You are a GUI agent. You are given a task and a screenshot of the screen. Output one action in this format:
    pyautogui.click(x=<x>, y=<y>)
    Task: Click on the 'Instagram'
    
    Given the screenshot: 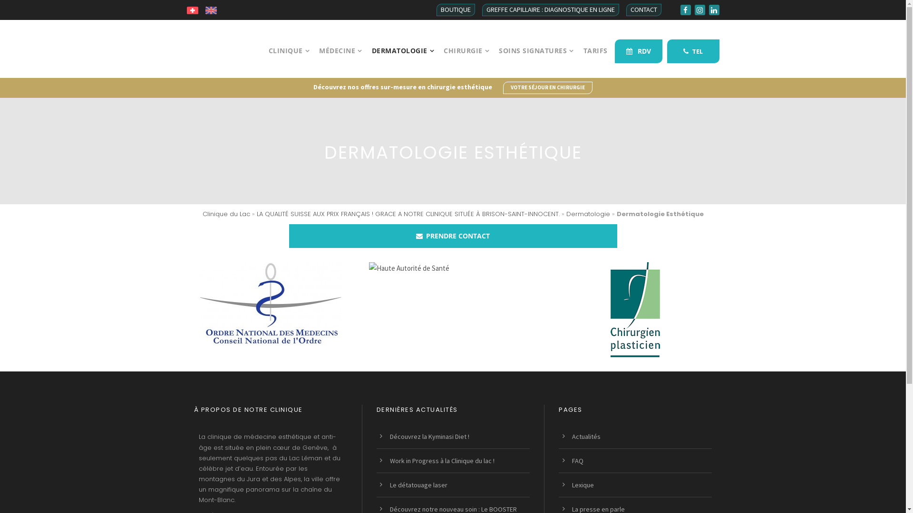 What is the action you would take?
    pyautogui.click(x=699, y=9)
    